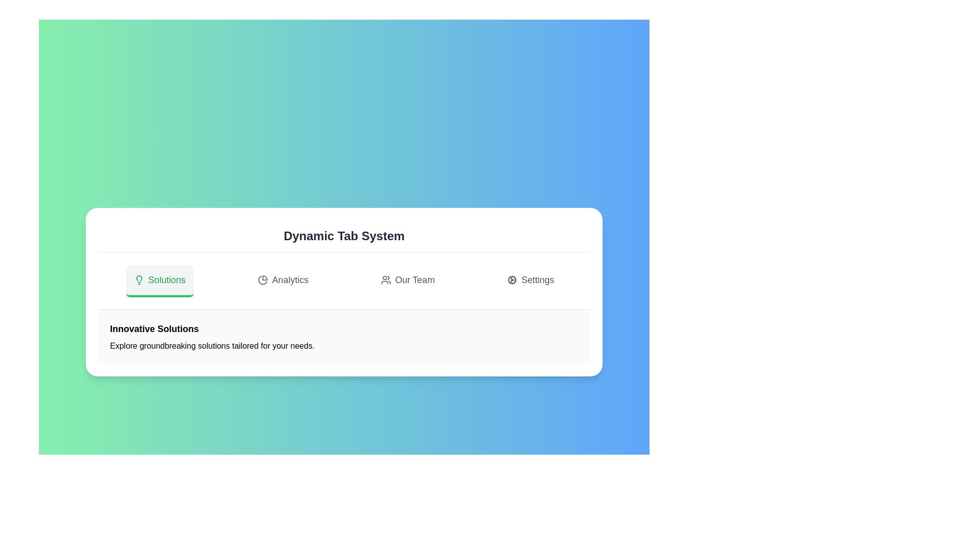 The image size is (969, 545). I want to click on the settings navigation tab, which is the fourth item, so click(530, 281).